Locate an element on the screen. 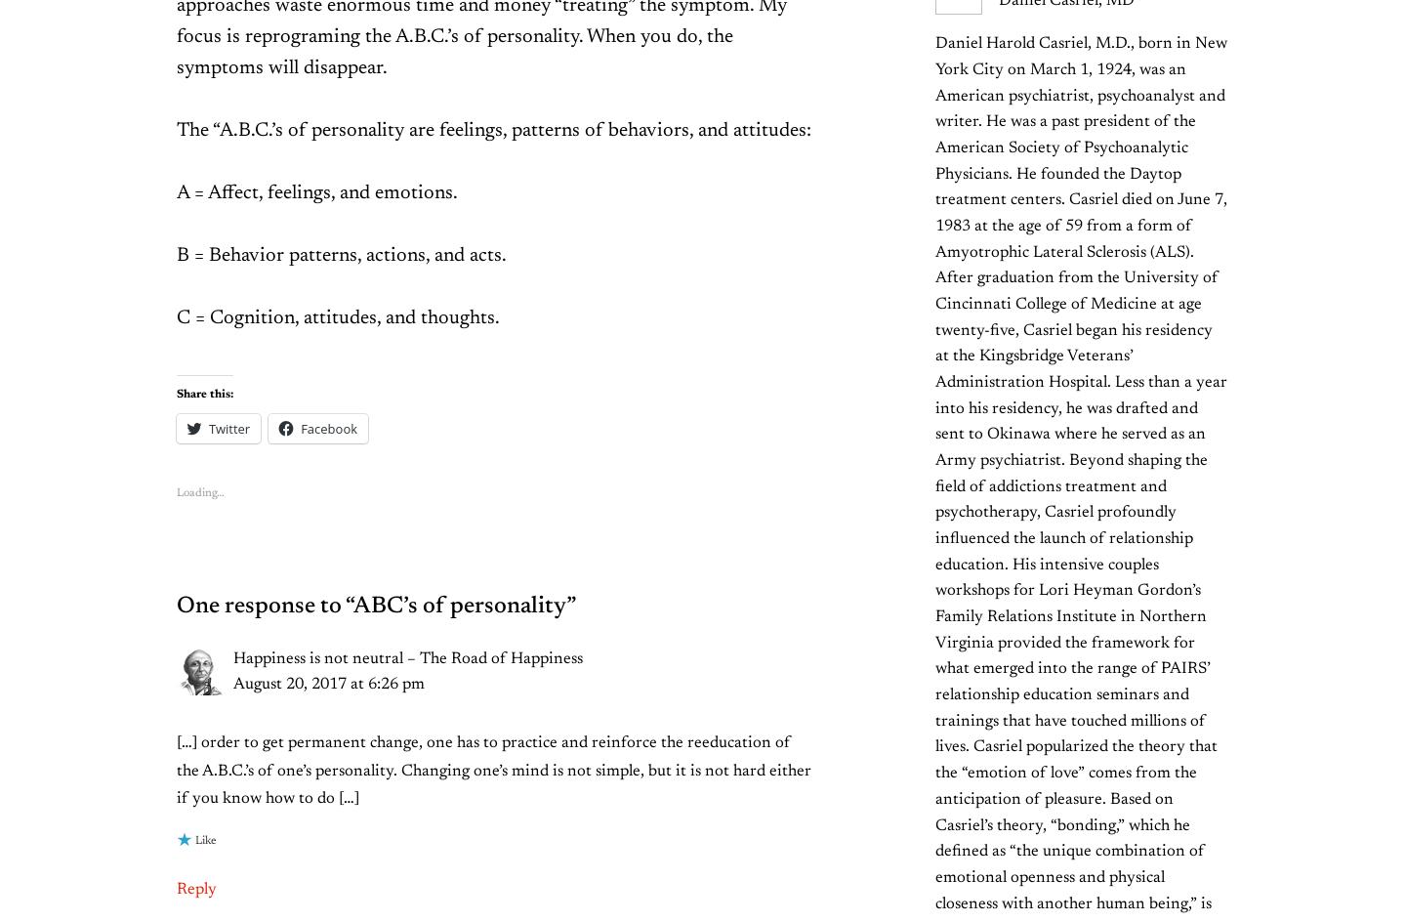 Image resolution: width=1406 pixels, height=922 pixels. 'August 20, 2017 at 6:26 pm' is located at coordinates (328, 684).